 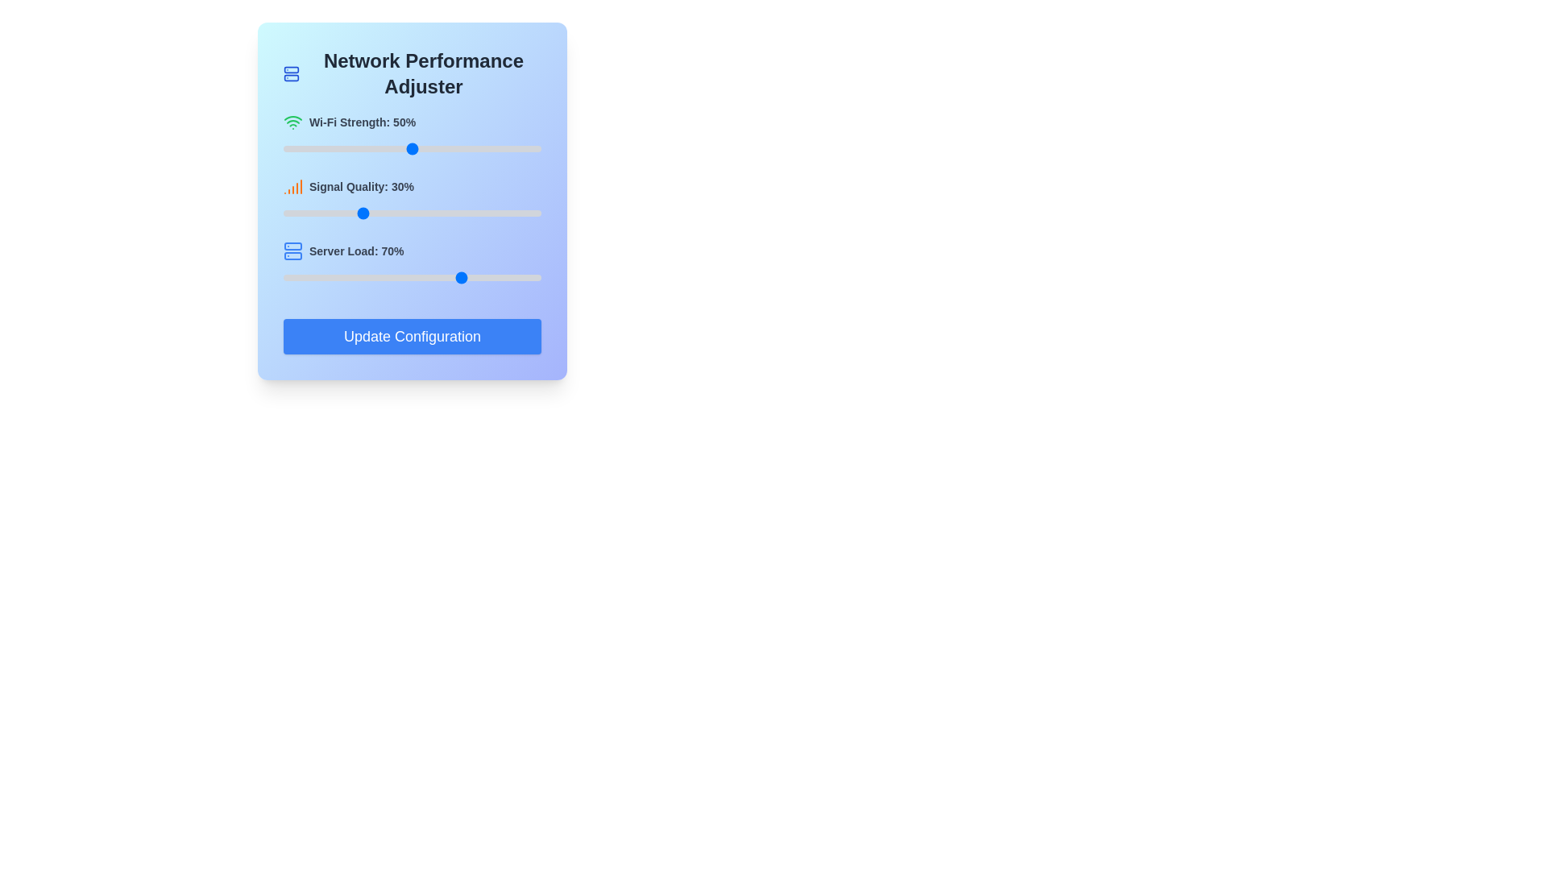 What do you see at coordinates (428, 149) in the screenshot?
I see `Wi-Fi strength` at bounding box center [428, 149].